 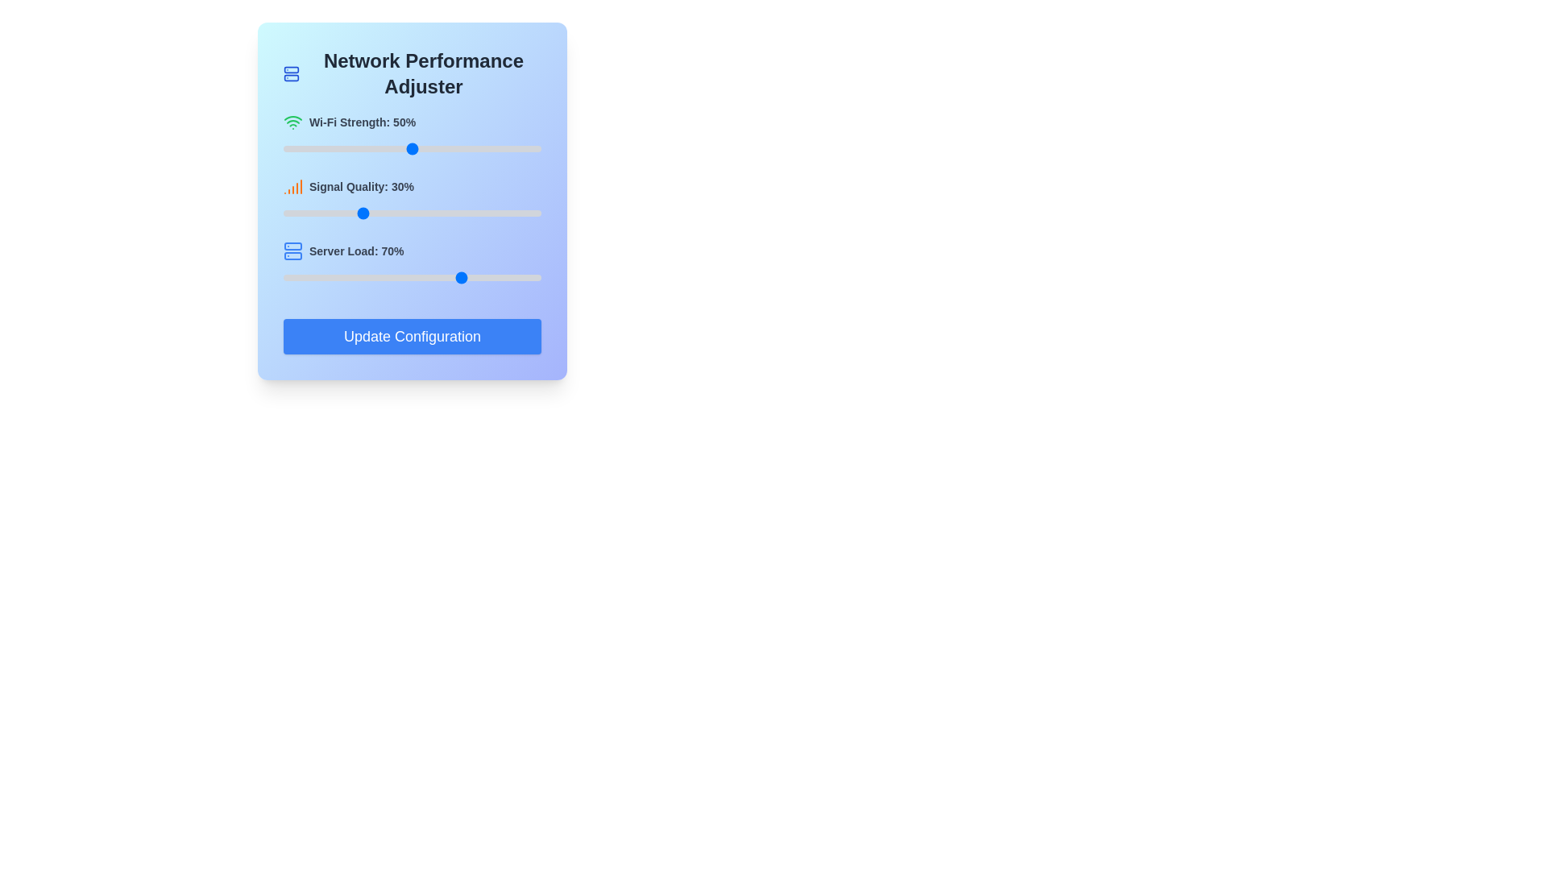 What do you see at coordinates (428, 149) in the screenshot?
I see `Wi-Fi strength` at bounding box center [428, 149].